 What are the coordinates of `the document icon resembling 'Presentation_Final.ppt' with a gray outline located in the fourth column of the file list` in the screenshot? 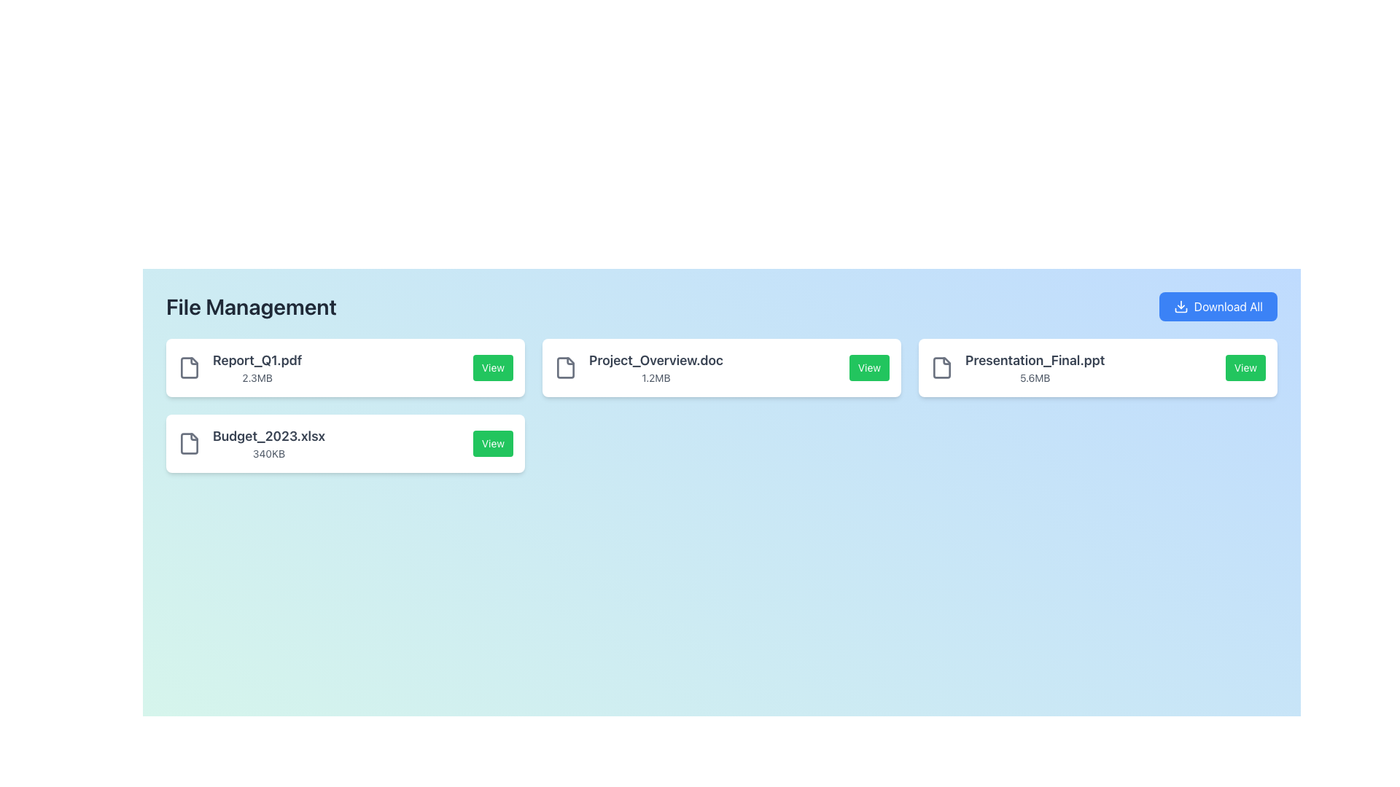 It's located at (941, 367).